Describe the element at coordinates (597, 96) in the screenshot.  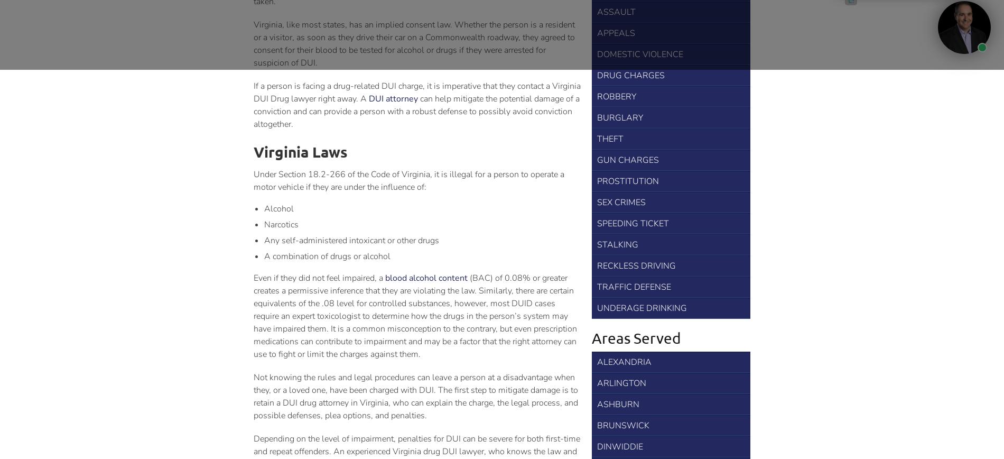
I see `'Robbery'` at that location.